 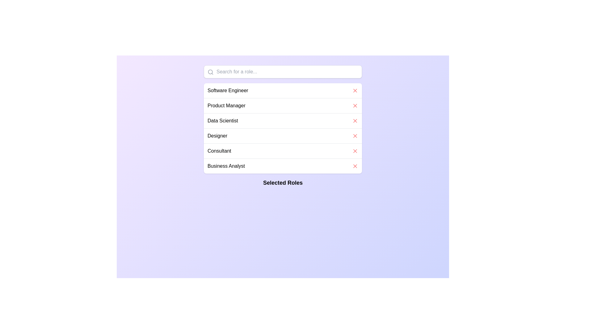 I want to click on the text label representing the role located in the fifth row of the centrally aligned list below the search bar, so click(x=219, y=151).